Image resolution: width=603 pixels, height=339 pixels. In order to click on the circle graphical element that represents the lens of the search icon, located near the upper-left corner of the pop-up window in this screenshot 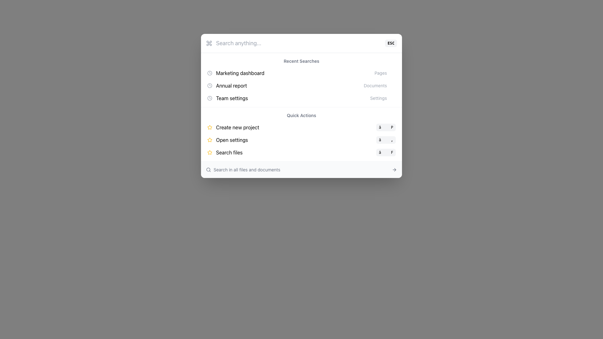, I will do `click(208, 169)`.